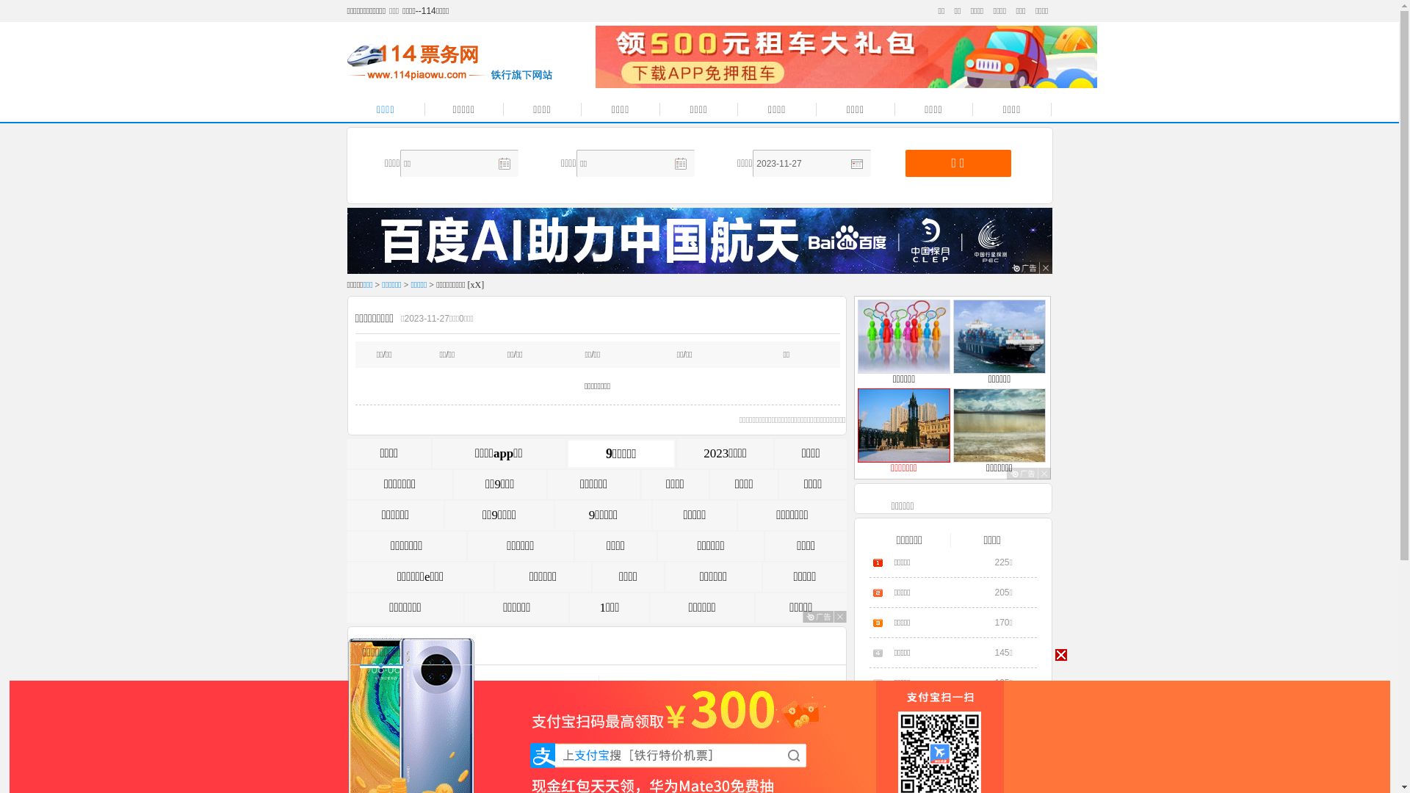  I want to click on '[xX]', so click(476, 285).